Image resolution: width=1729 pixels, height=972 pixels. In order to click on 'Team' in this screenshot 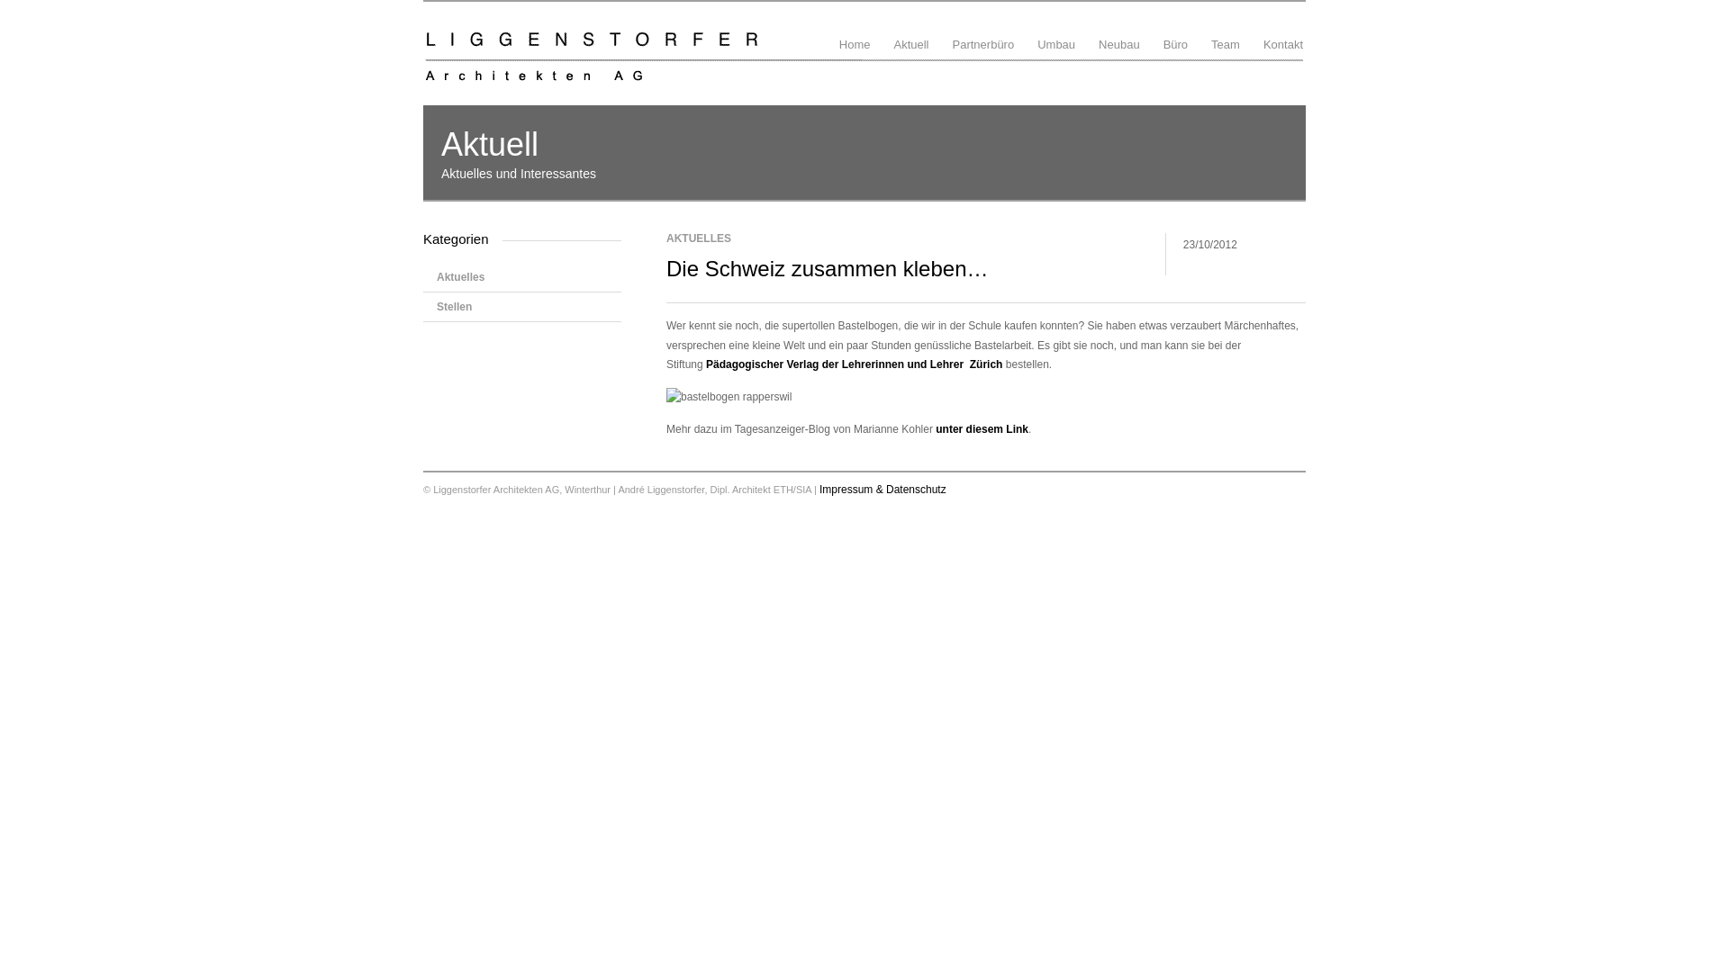, I will do `click(1225, 30)`.